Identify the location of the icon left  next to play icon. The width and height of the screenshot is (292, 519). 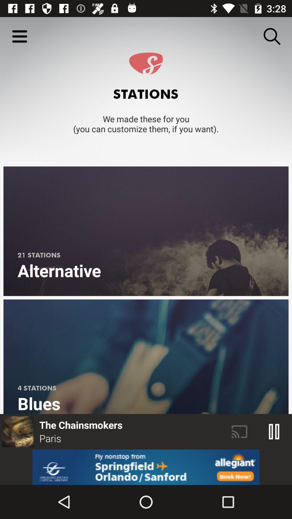
(239, 431).